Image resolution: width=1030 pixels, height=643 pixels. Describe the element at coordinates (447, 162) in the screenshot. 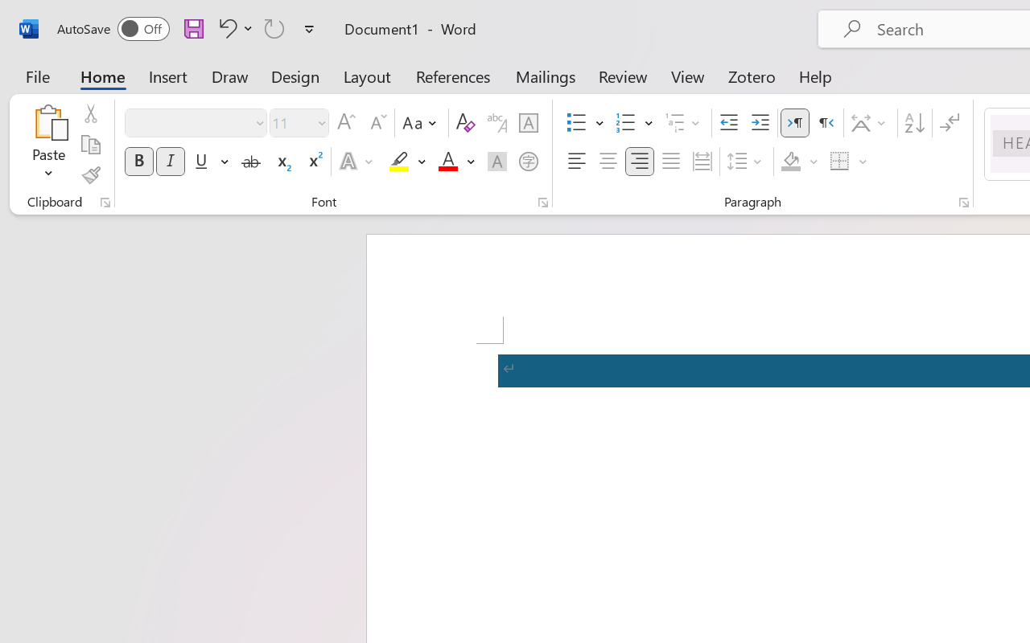

I see `'Font Color RGB(255, 0, 0)'` at that location.